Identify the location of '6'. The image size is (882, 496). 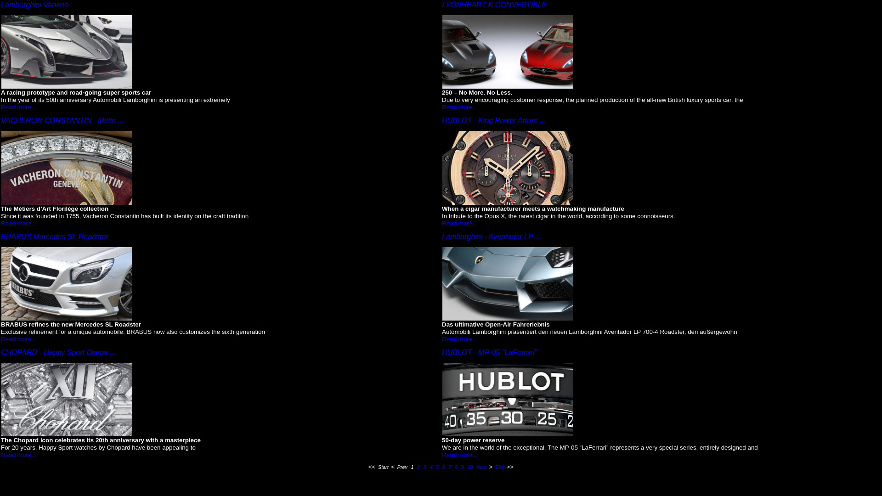
(443, 467).